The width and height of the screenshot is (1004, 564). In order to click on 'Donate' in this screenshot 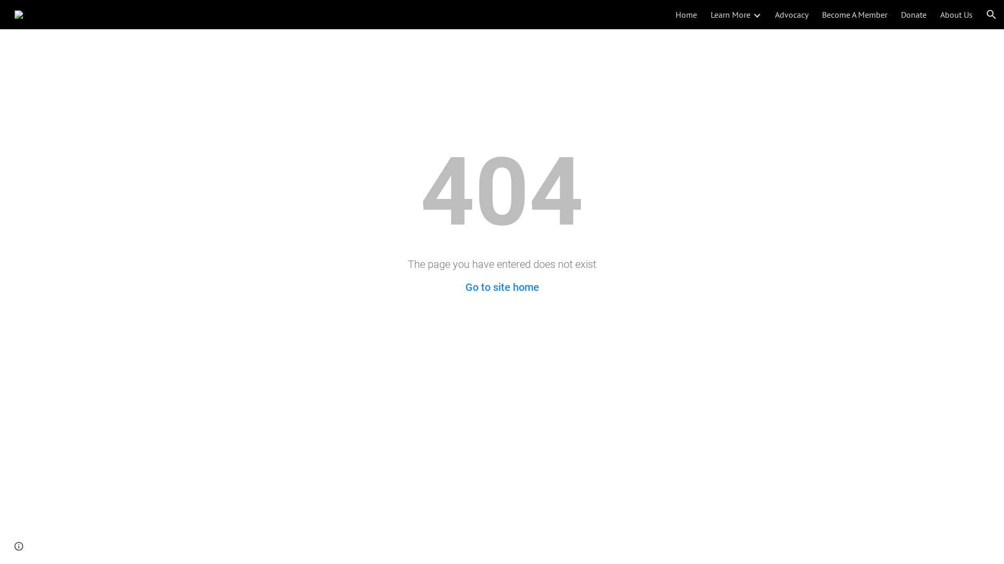, I will do `click(913, 14)`.